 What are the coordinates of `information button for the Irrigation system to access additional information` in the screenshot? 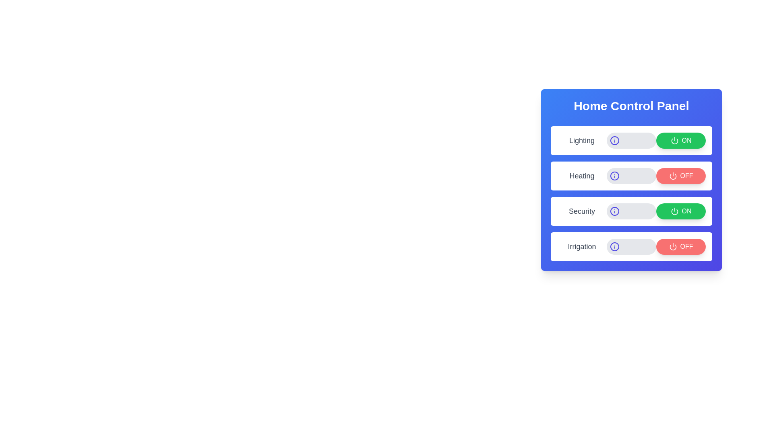 It's located at (614, 246).